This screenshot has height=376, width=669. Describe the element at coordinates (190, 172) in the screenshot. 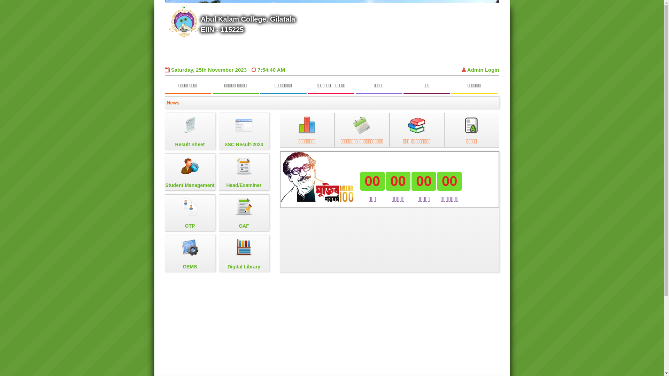

I see `'Student Management'` at that location.